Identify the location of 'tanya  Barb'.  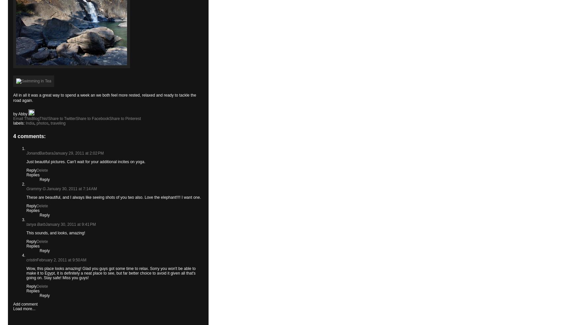
(36, 224).